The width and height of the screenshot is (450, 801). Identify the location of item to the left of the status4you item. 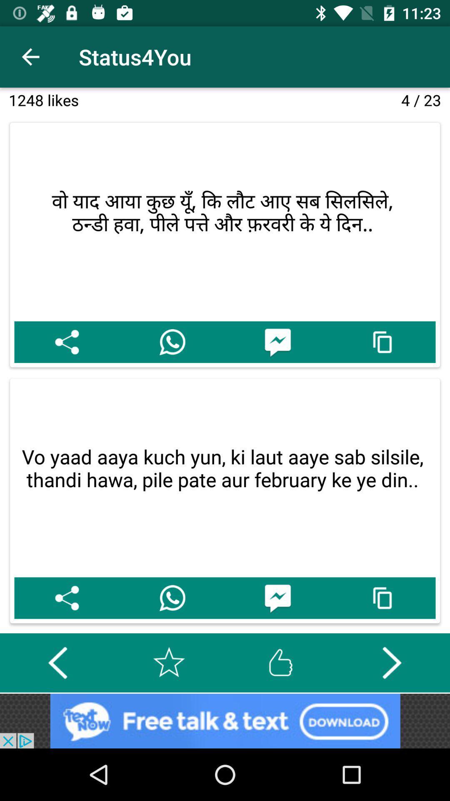
(30, 56).